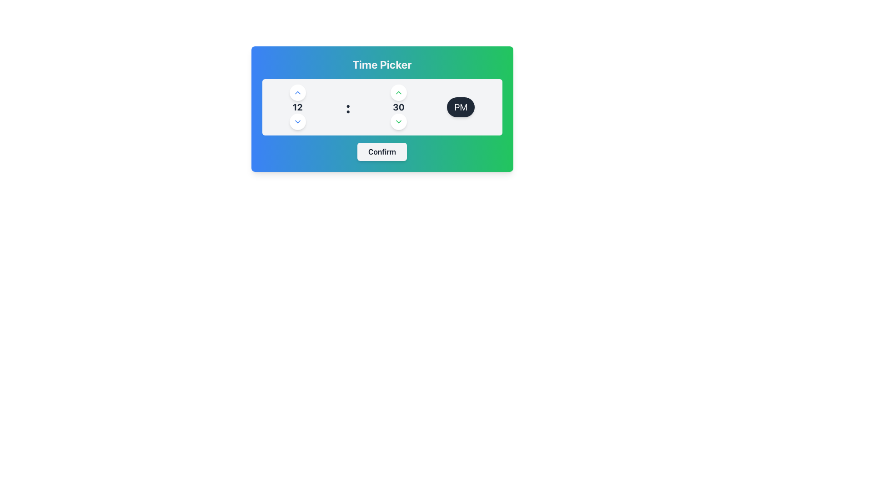 The width and height of the screenshot is (873, 491). Describe the element at coordinates (399, 121) in the screenshot. I see `the downward-pointing chevron icon embedded within the circular button in the time picker interface, located beneath the number '12'` at that location.